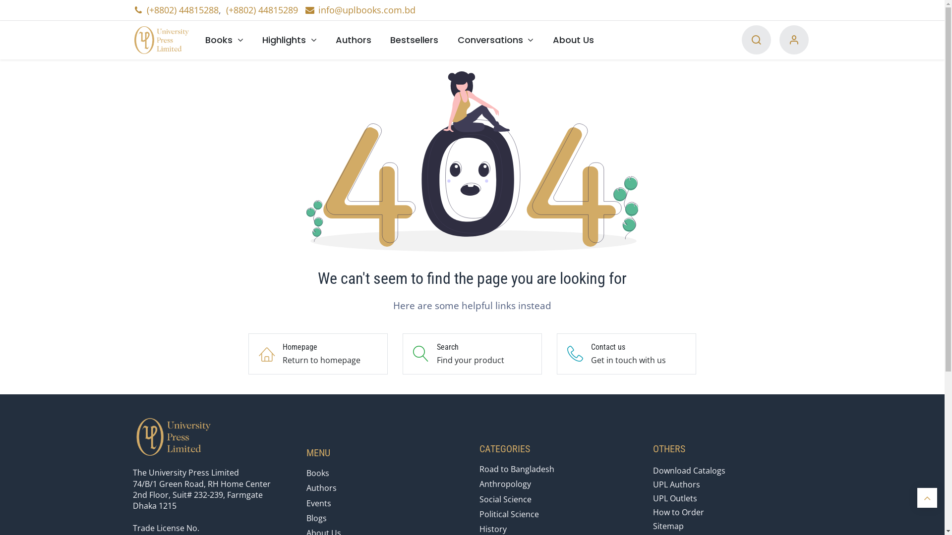  I want to click on 'info@uplbooks.com.bd', so click(359, 9).